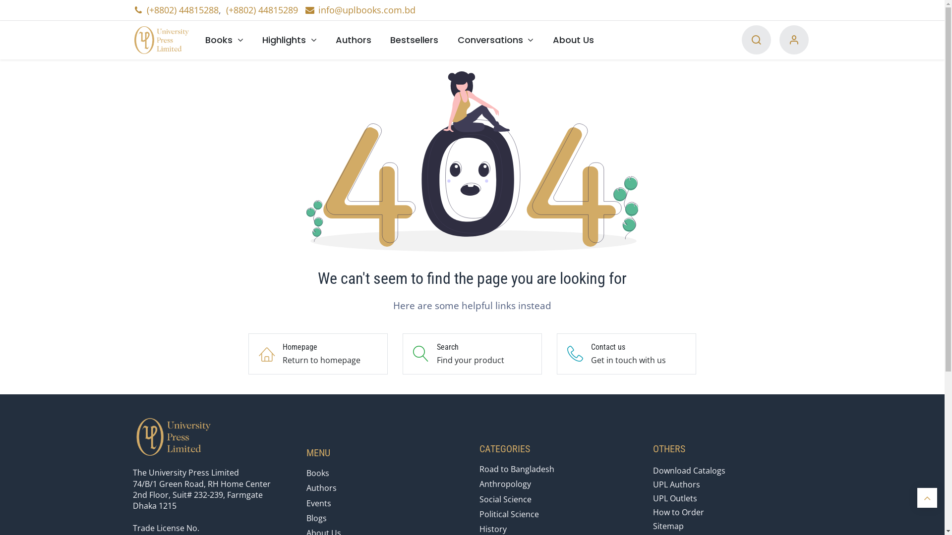  I want to click on 'info@uplbooks.com.bd', so click(359, 9).